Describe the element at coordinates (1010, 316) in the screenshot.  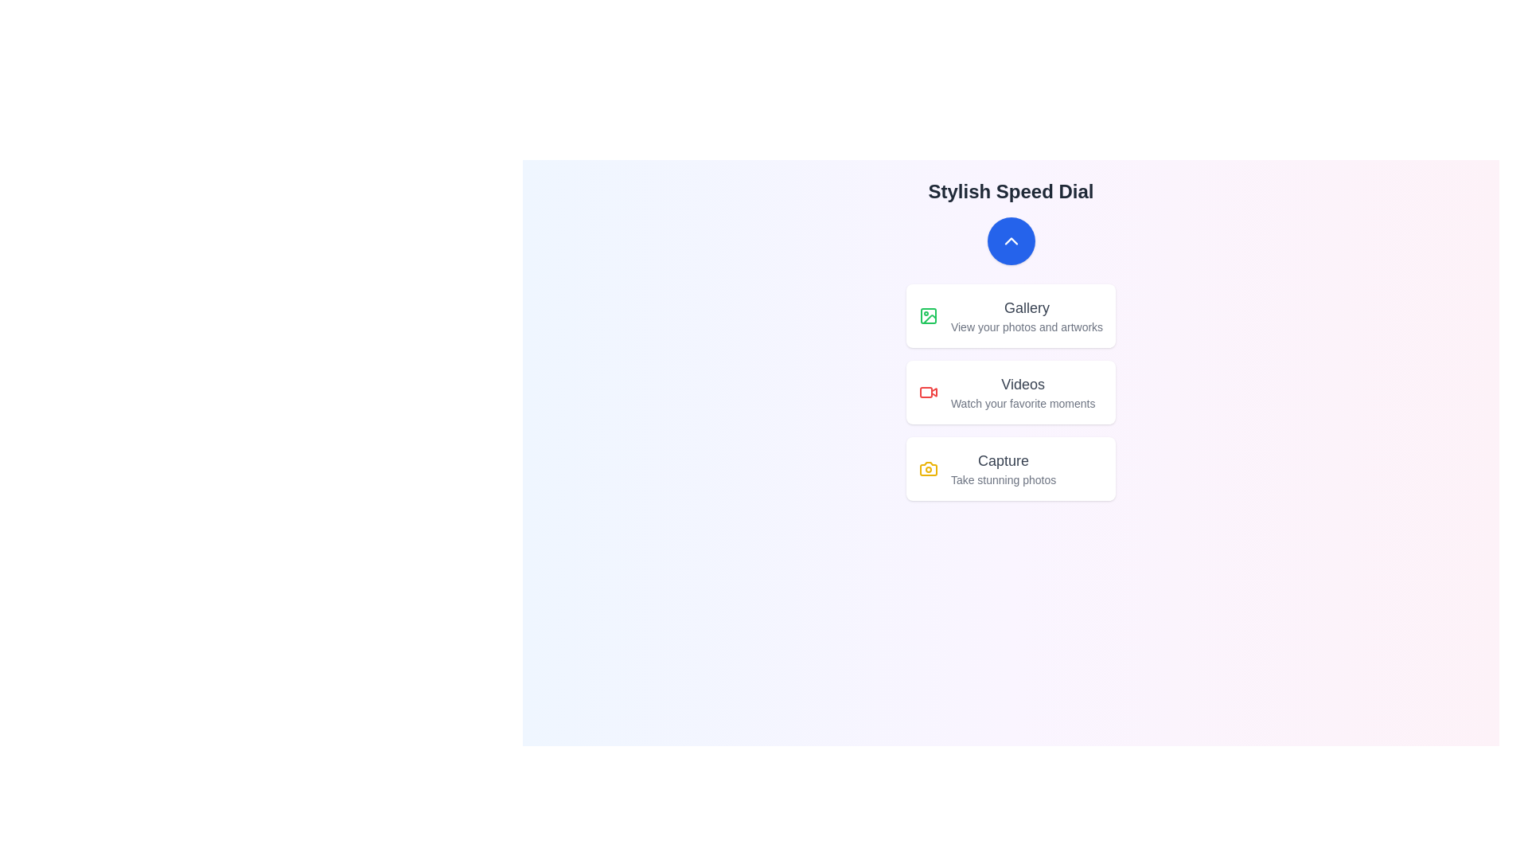
I see `the Gallery item from the StylishSpeedDial component` at that location.